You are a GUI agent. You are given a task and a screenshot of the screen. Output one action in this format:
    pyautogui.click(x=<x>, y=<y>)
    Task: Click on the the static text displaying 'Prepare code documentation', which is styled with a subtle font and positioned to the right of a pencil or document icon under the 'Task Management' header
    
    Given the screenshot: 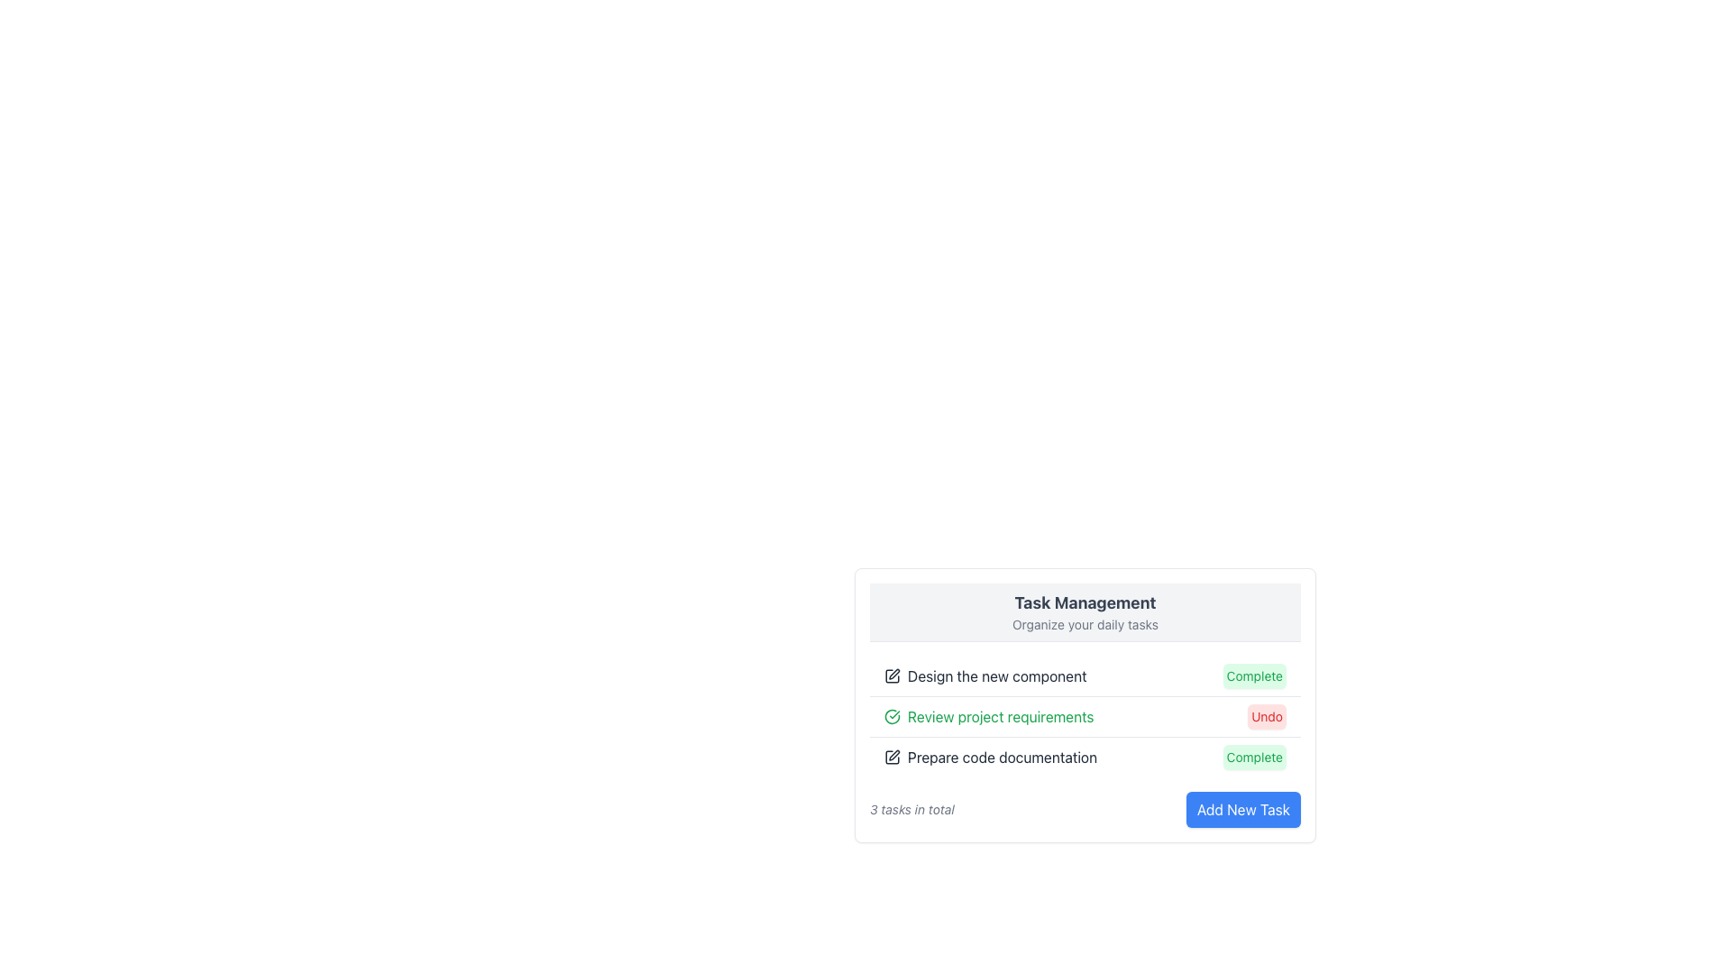 What is the action you would take?
    pyautogui.click(x=1002, y=758)
    